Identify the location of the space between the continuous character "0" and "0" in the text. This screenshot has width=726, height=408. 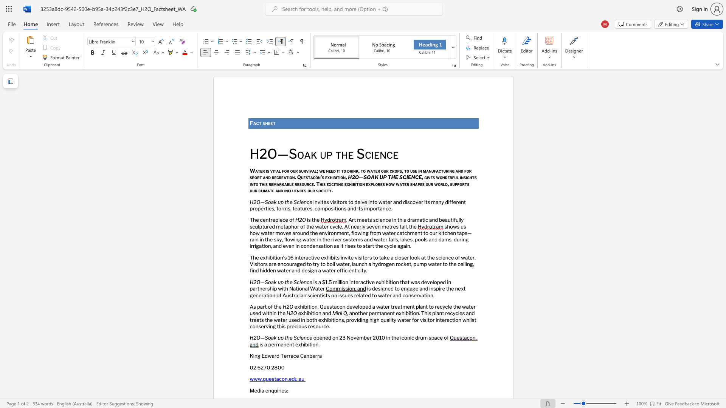
(281, 367).